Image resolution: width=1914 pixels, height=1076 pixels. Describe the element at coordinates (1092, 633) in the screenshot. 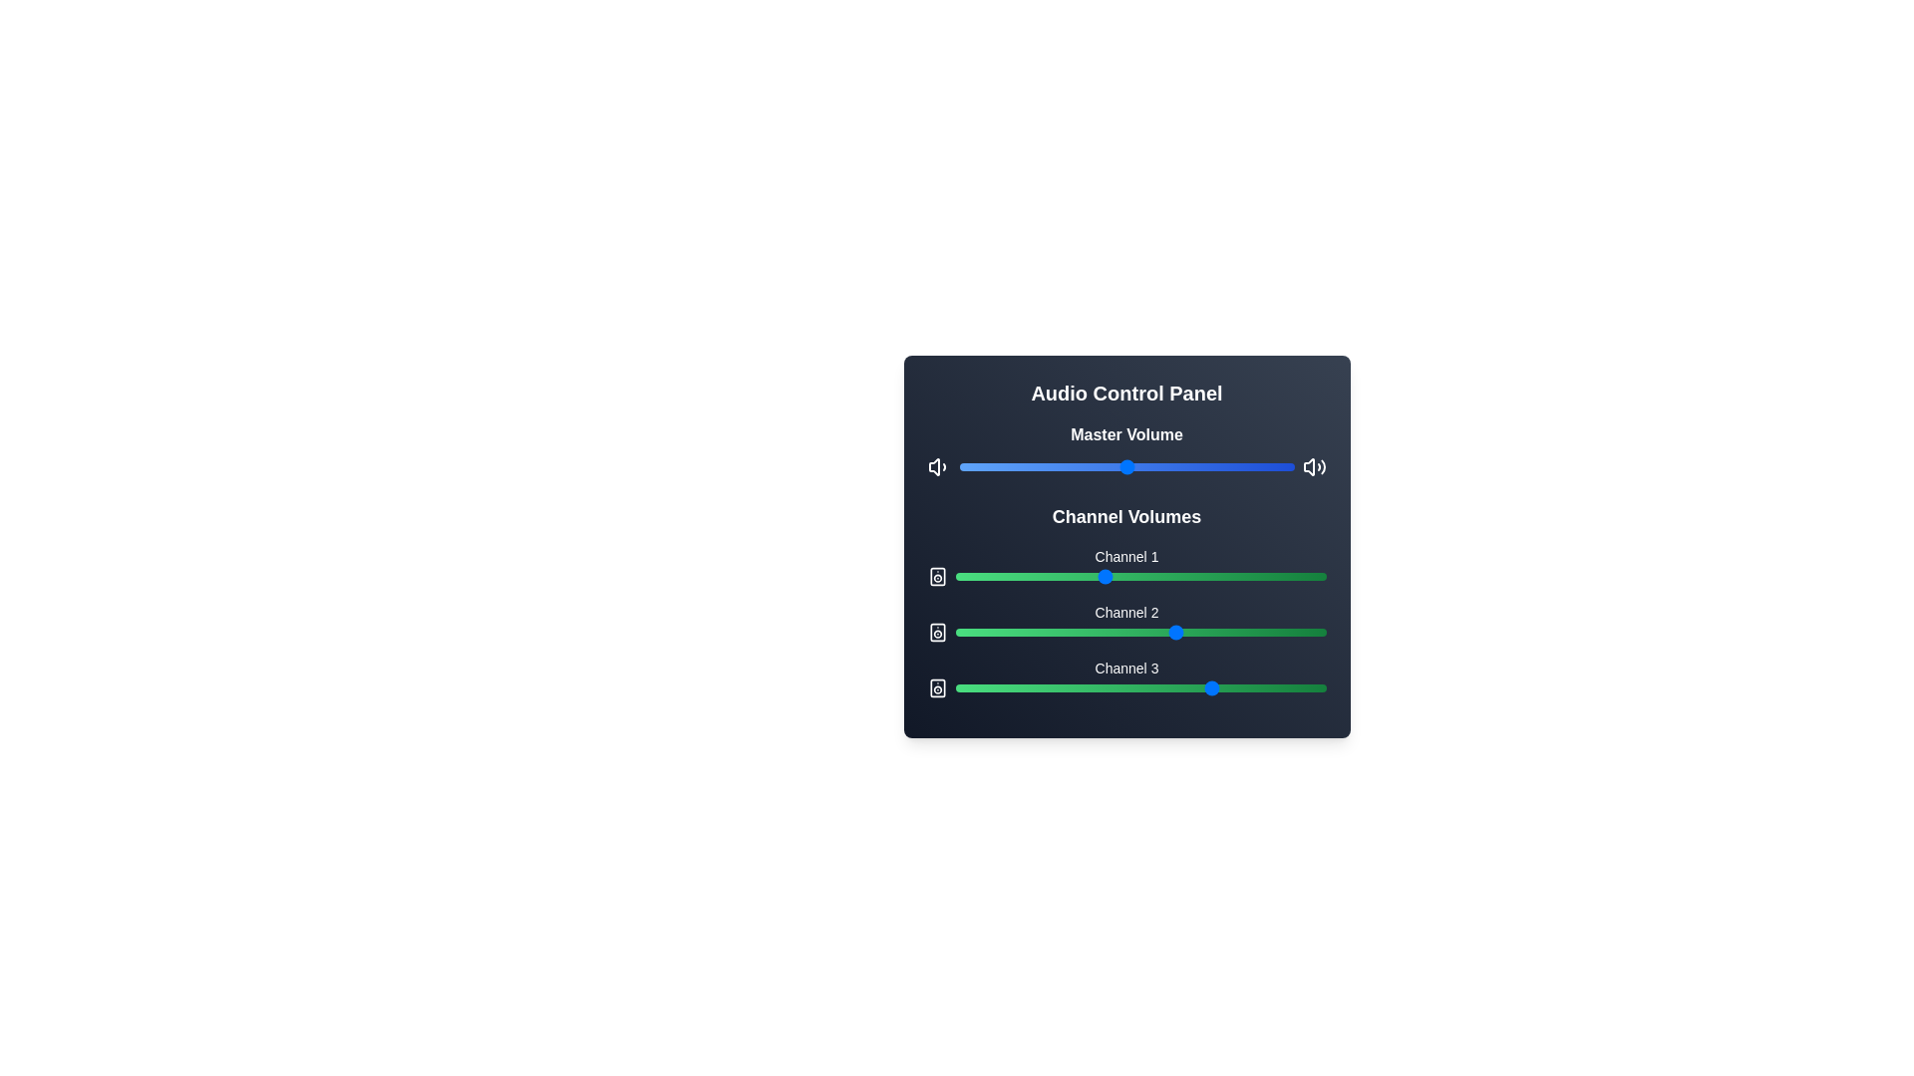

I see `the volume of Channel 2` at that location.